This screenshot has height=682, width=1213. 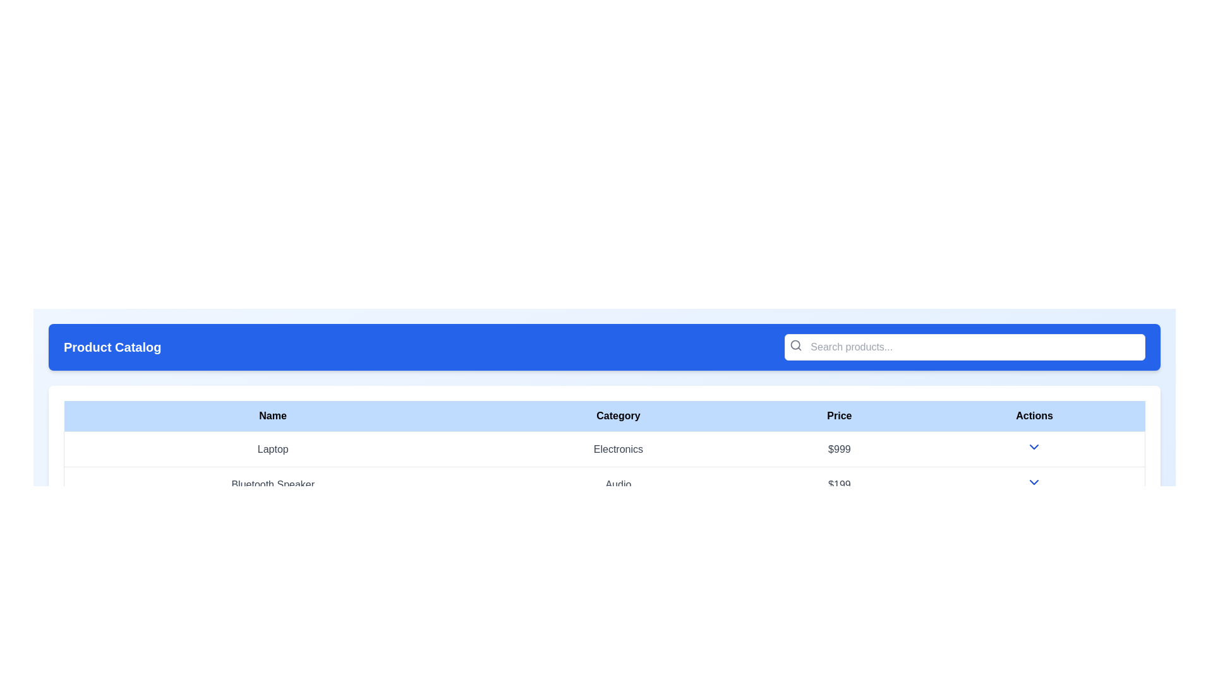 What do you see at coordinates (1034, 446) in the screenshot?
I see `the Dropdown toggle button located in the last column of the first row under the 'Actions' header in the table` at bounding box center [1034, 446].